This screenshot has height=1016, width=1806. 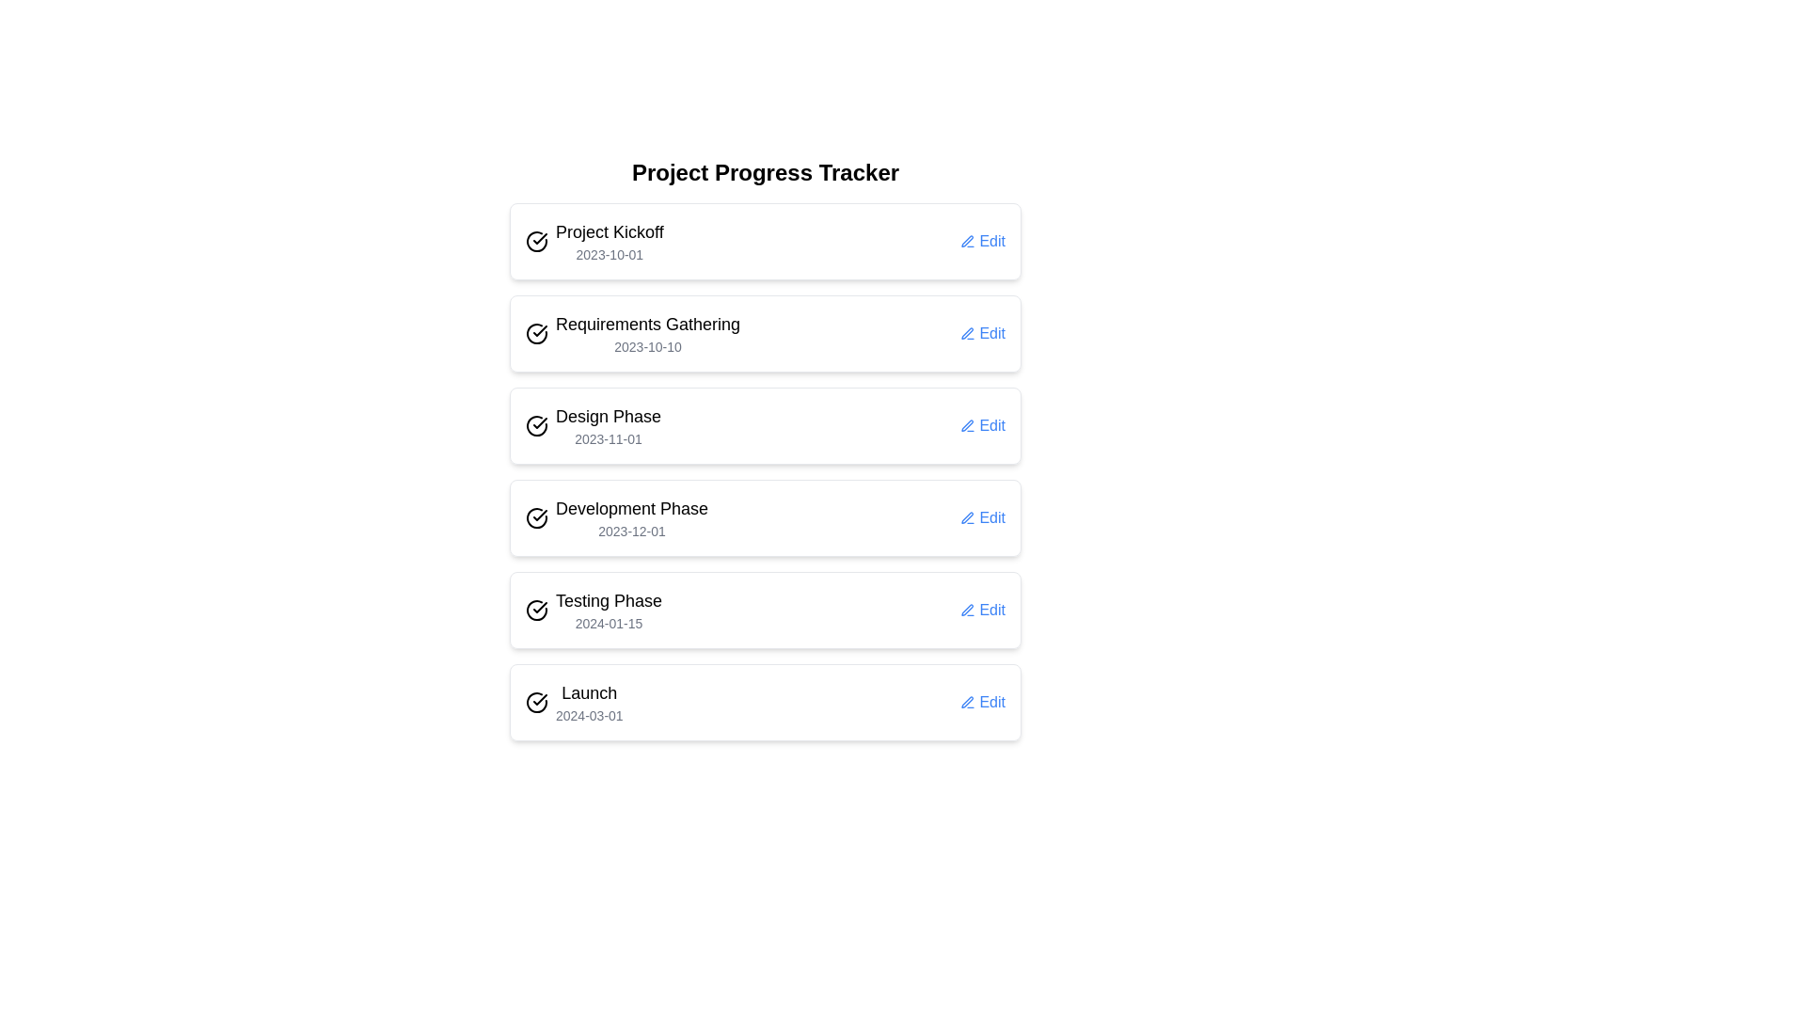 I want to click on the circular icon with a checkmark inside, which is located to the left of the text 'Development Phase' in the fourth row of the 'Project Progress Tracker' section, so click(x=536, y=518).